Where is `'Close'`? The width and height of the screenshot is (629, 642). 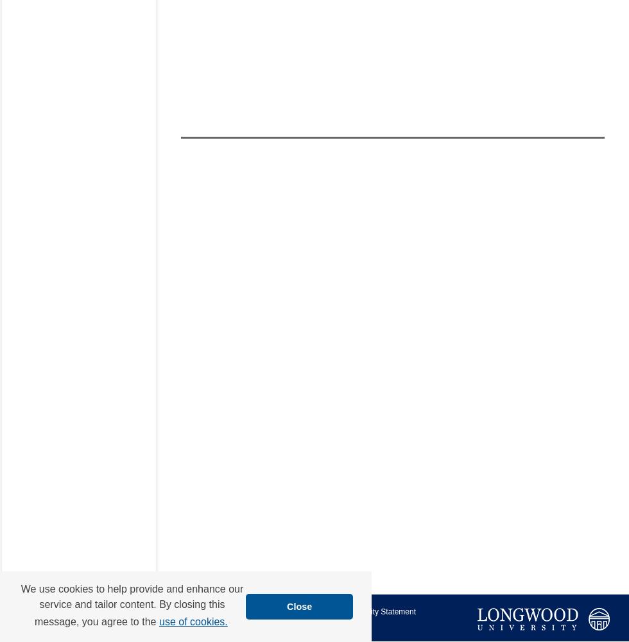
'Close' is located at coordinates (286, 605).